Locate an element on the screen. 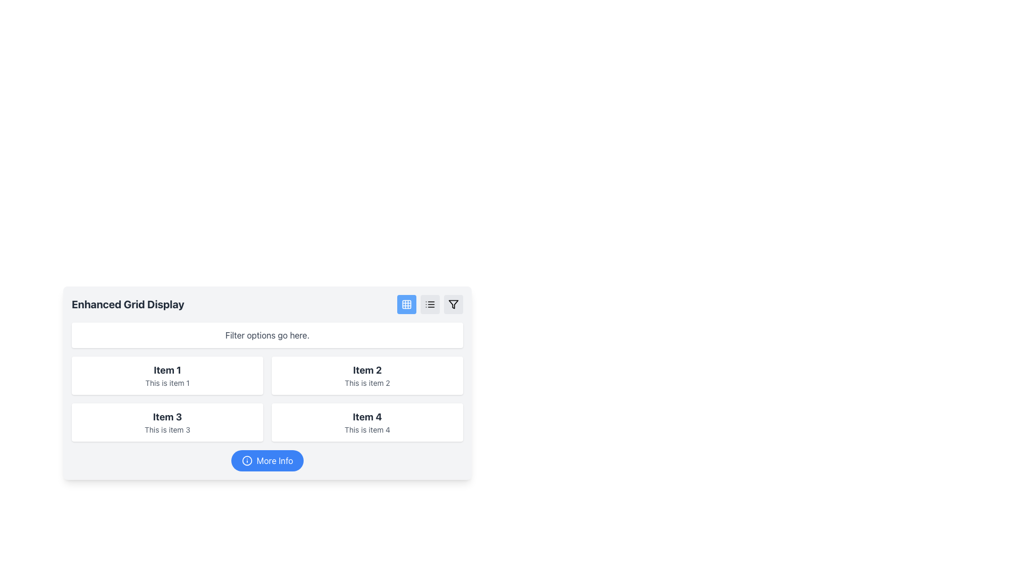  the grid layout toggle button located in the toolbar section beneath the header, positioned first in a group of three buttons is located at coordinates (406, 305).